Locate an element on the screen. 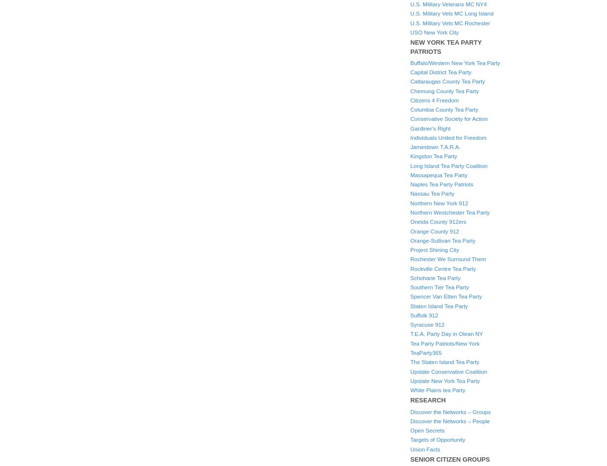 This screenshot has width=607, height=466. 'U.S. Military Veterans MC NY4' is located at coordinates (448, 4).